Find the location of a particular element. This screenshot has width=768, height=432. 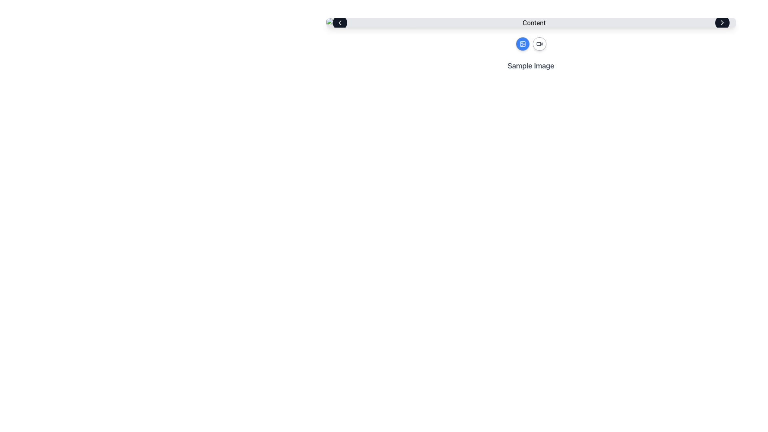

the icon depicting a generic image symbol within the blue circular button located below the 'Content' header is located at coordinates (522, 44).